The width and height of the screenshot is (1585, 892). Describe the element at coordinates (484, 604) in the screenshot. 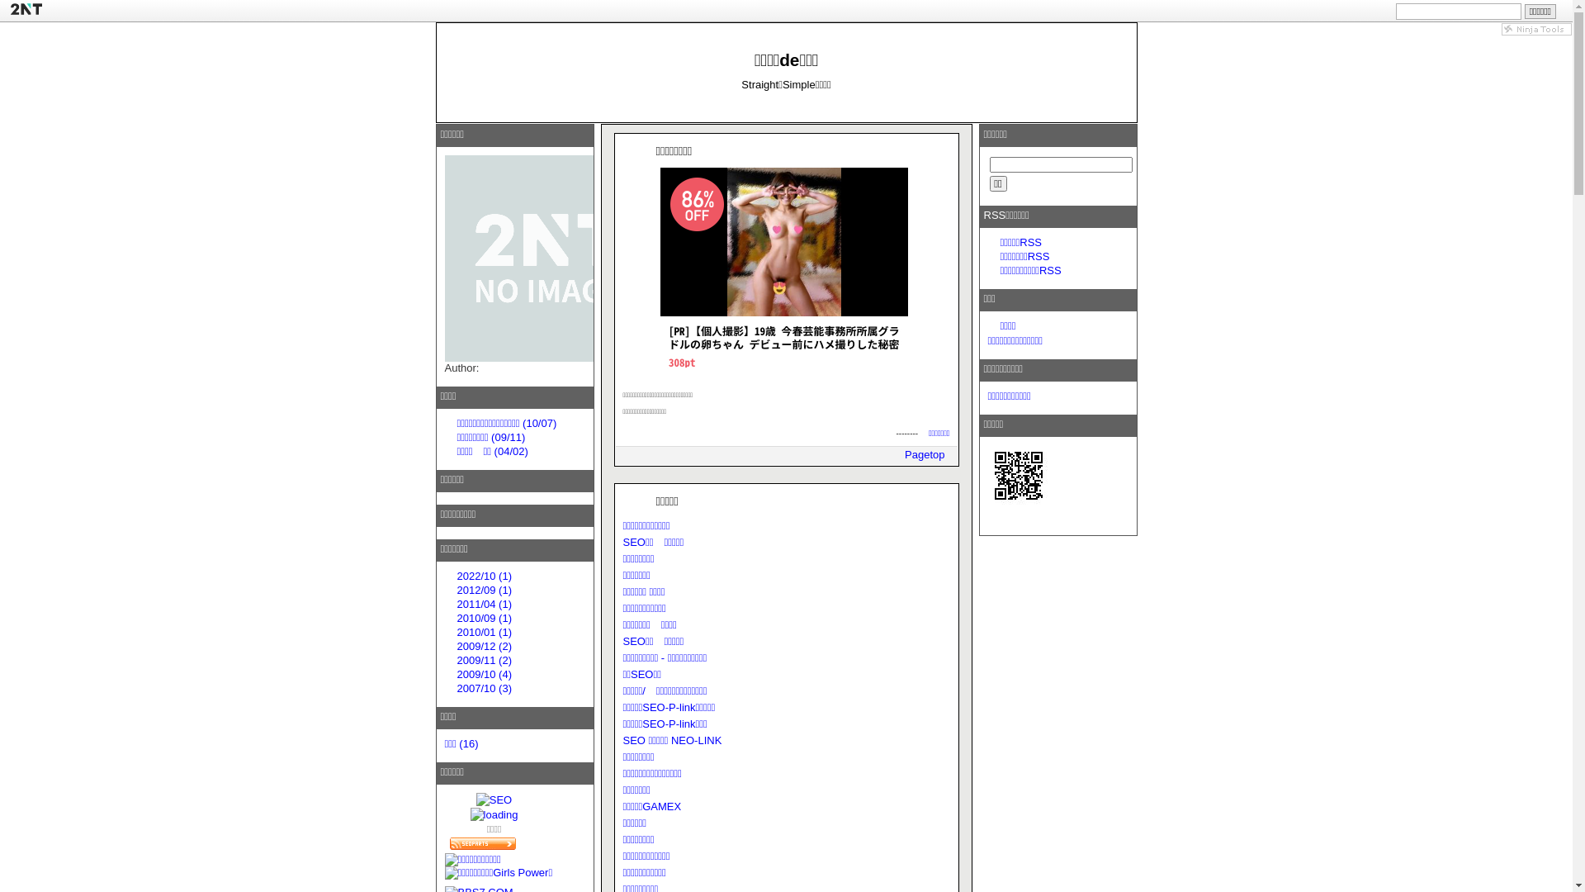

I see `'2011/04 (1)'` at that location.